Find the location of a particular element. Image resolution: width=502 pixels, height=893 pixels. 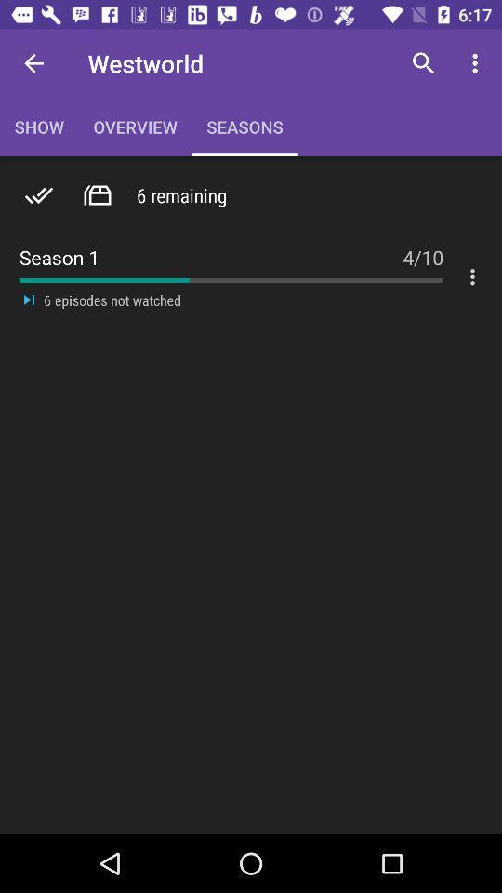

the item next to the overview item is located at coordinates (33, 63).